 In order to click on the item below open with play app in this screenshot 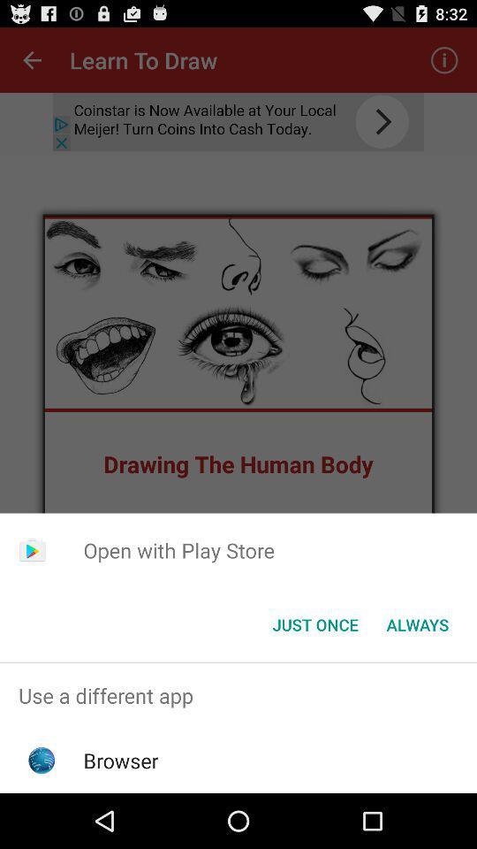, I will do `click(417, 624)`.